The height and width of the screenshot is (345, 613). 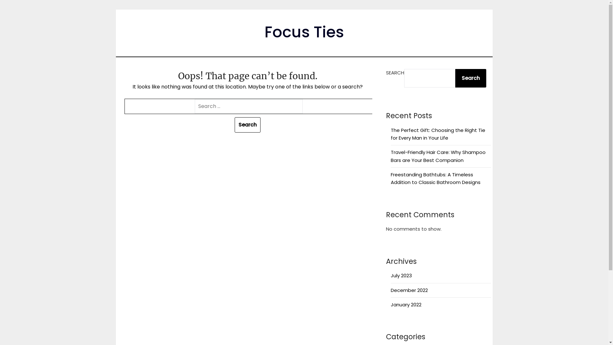 I want to click on 'January 2022', so click(x=406, y=304).